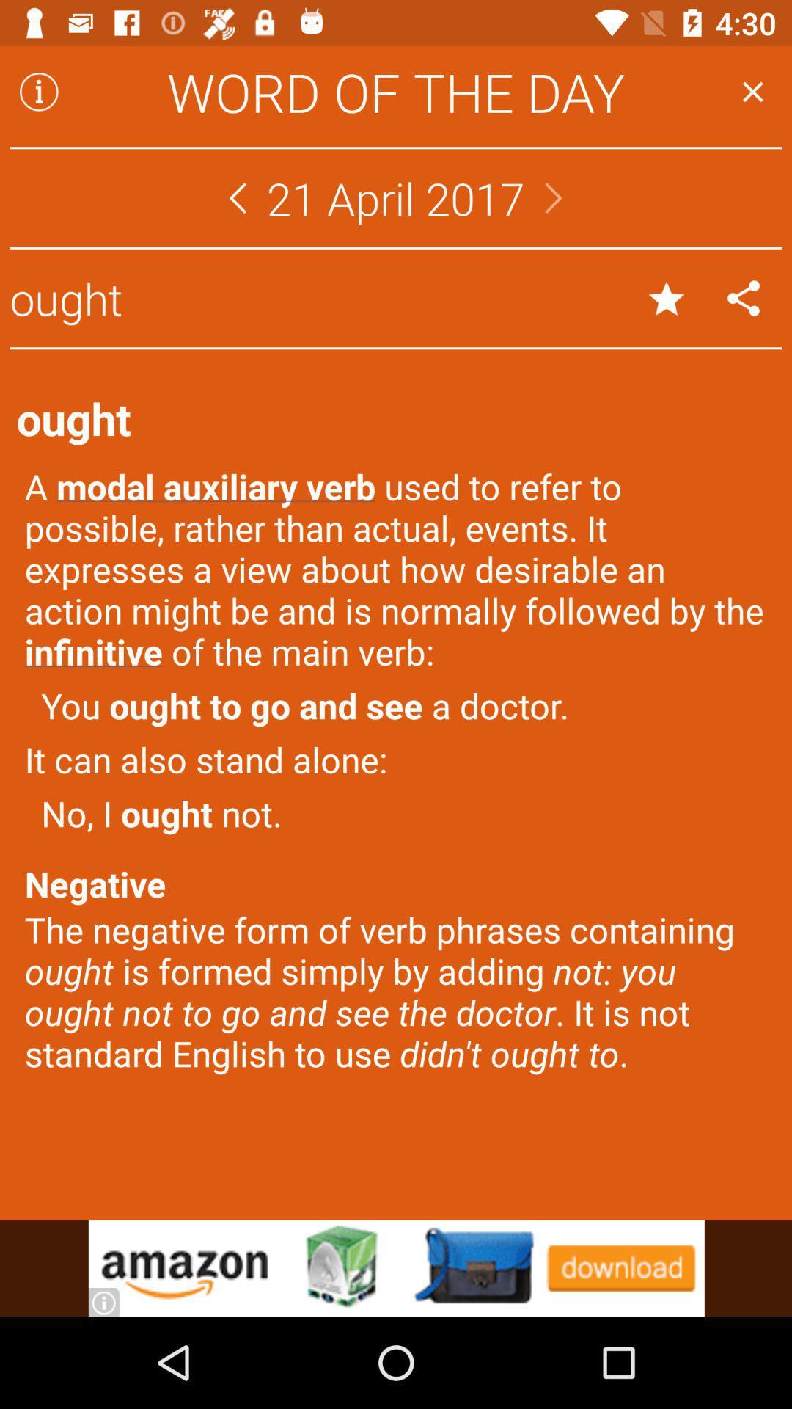 This screenshot has height=1409, width=792. I want to click on goto next, so click(554, 197).